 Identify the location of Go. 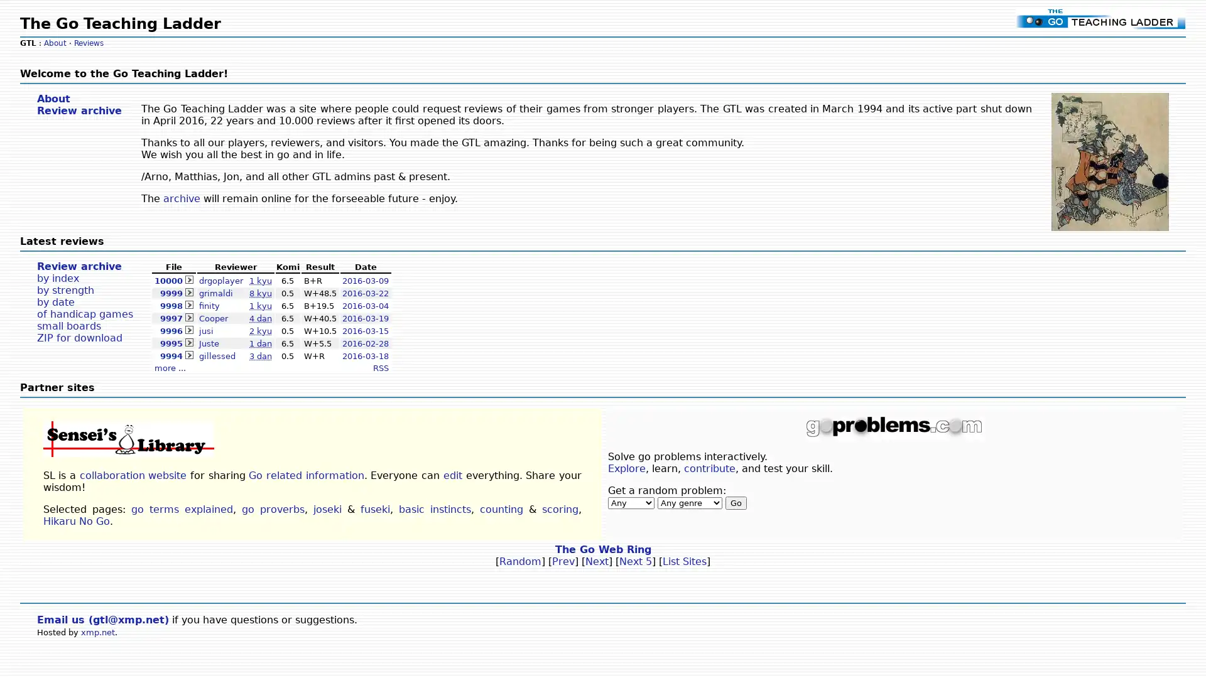
(736, 502).